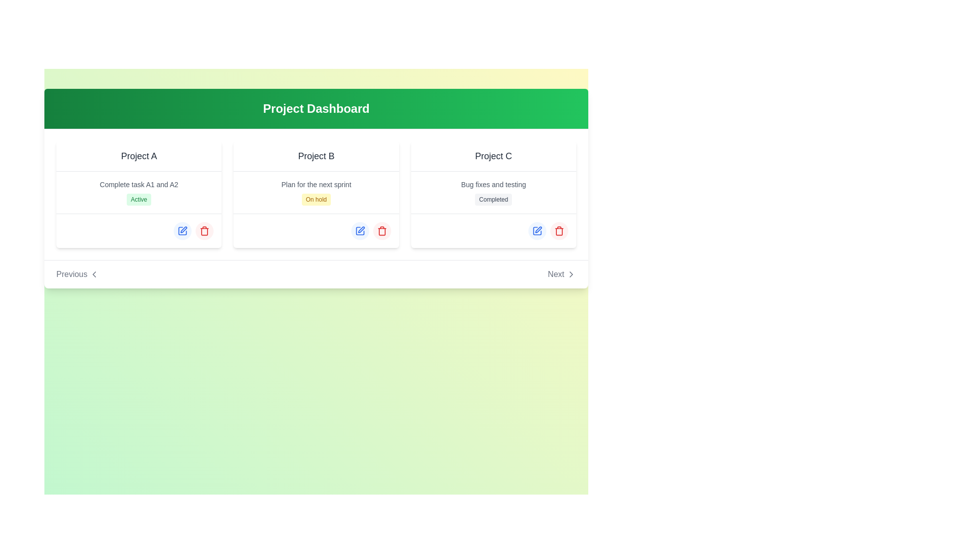 This screenshot has height=539, width=958. Describe the element at coordinates (182, 231) in the screenshot. I see `the blue square icon button with a pen stroke in the bottom-right corner of the card for 'Project A' to initiate editing` at that location.